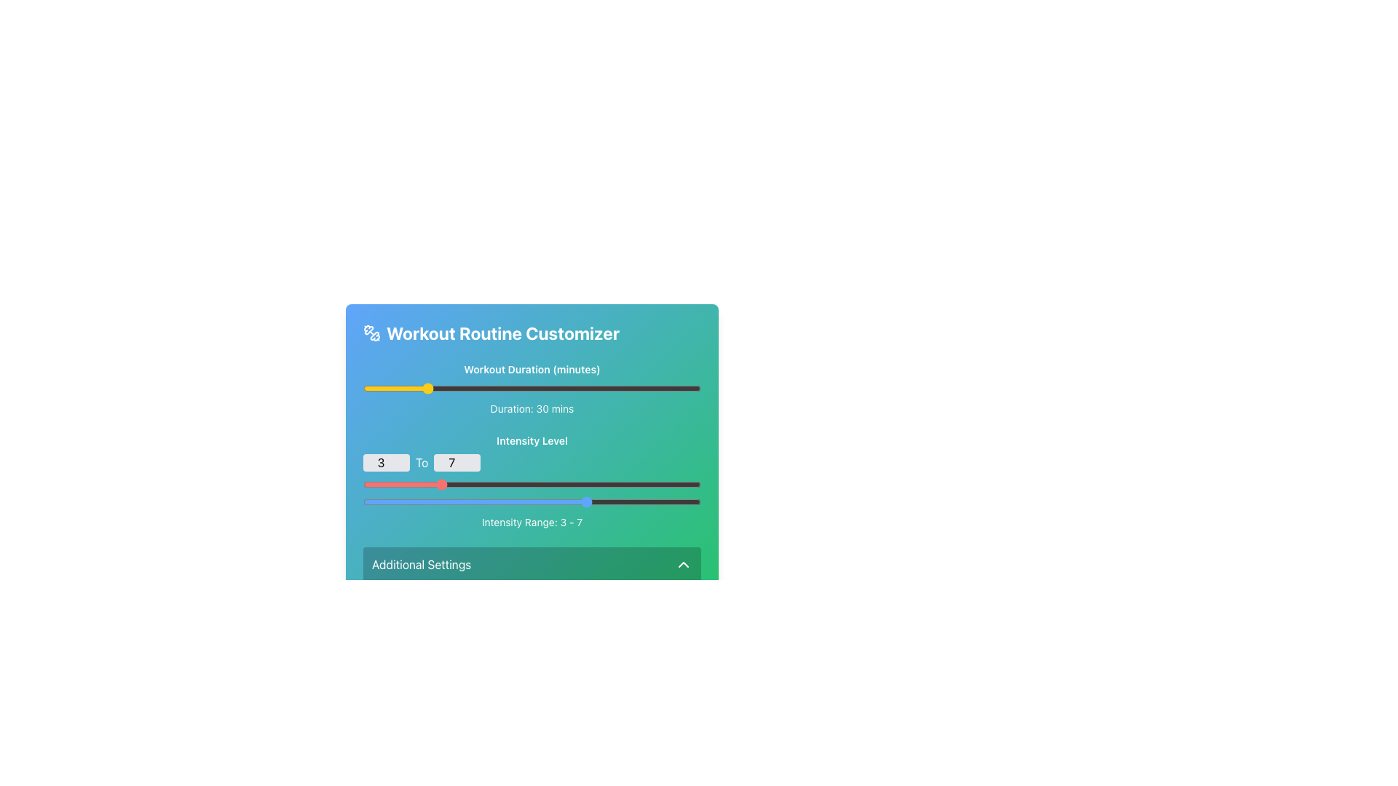 The width and height of the screenshot is (1398, 786). I want to click on workout duration, so click(651, 387).